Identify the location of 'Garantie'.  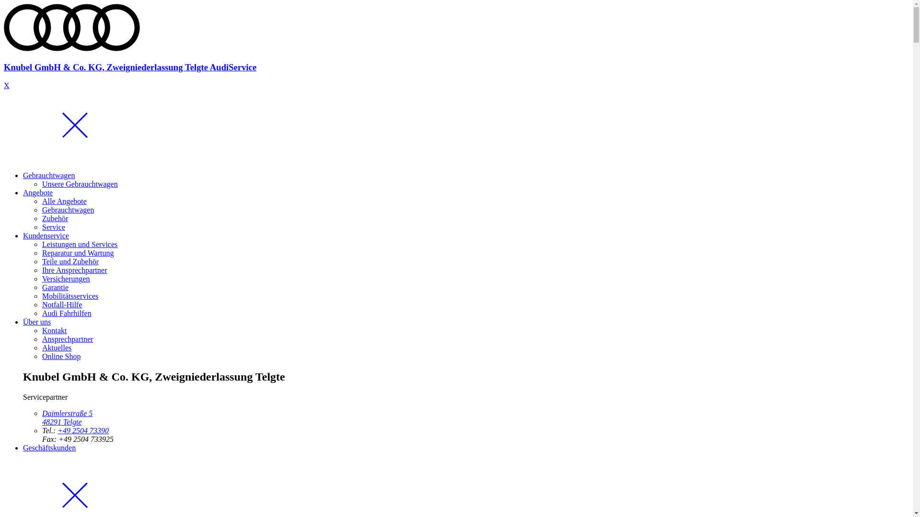
(55, 287).